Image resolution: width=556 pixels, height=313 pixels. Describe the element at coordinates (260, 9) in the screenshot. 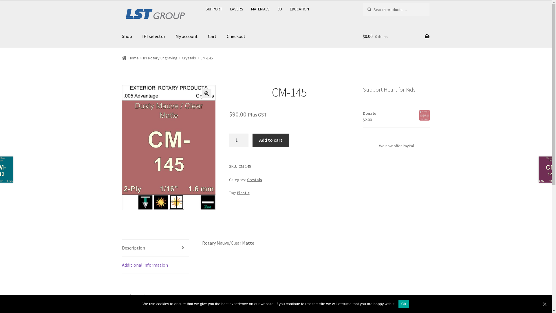

I see `'MATERIALS'` at that location.